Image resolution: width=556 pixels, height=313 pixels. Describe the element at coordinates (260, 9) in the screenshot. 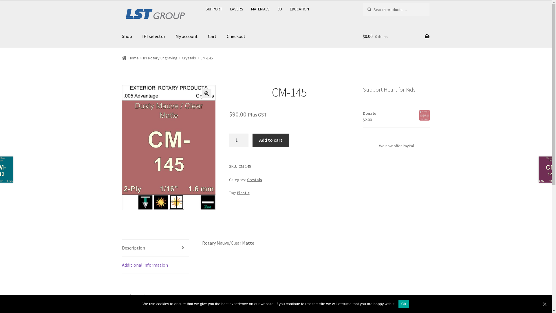

I see `'MATERIALS'` at that location.